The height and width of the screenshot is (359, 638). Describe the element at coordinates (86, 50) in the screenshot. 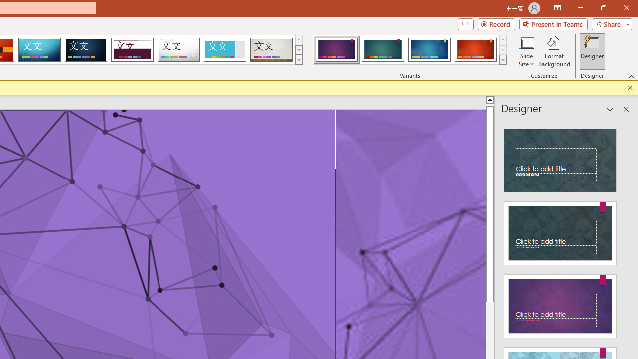

I see `'Damask'` at that location.